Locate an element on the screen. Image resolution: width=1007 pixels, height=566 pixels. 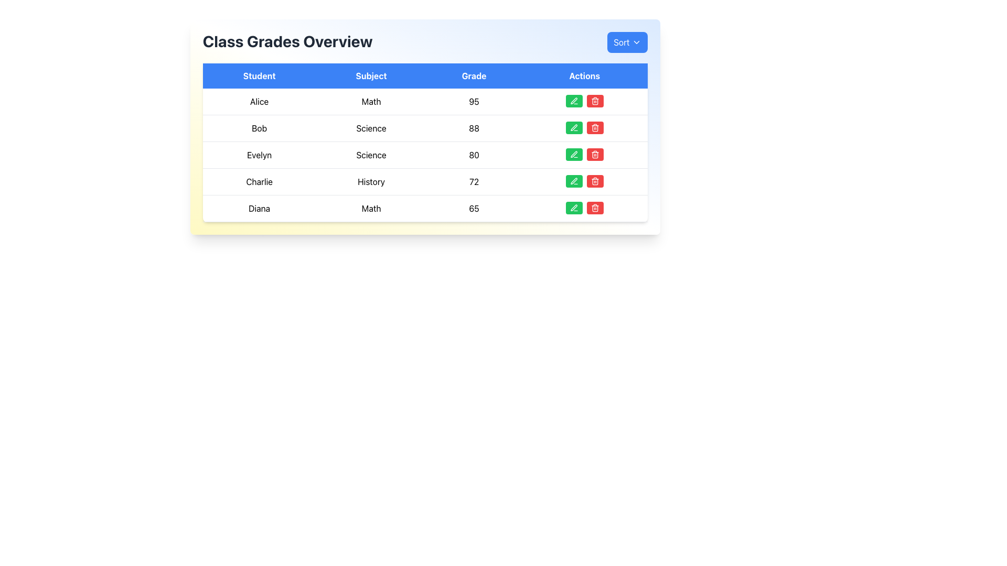
the static text label displaying 'Evelyn' in the second row of the 'Student' column in the Class Grades Overview table is located at coordinates (259, 155).